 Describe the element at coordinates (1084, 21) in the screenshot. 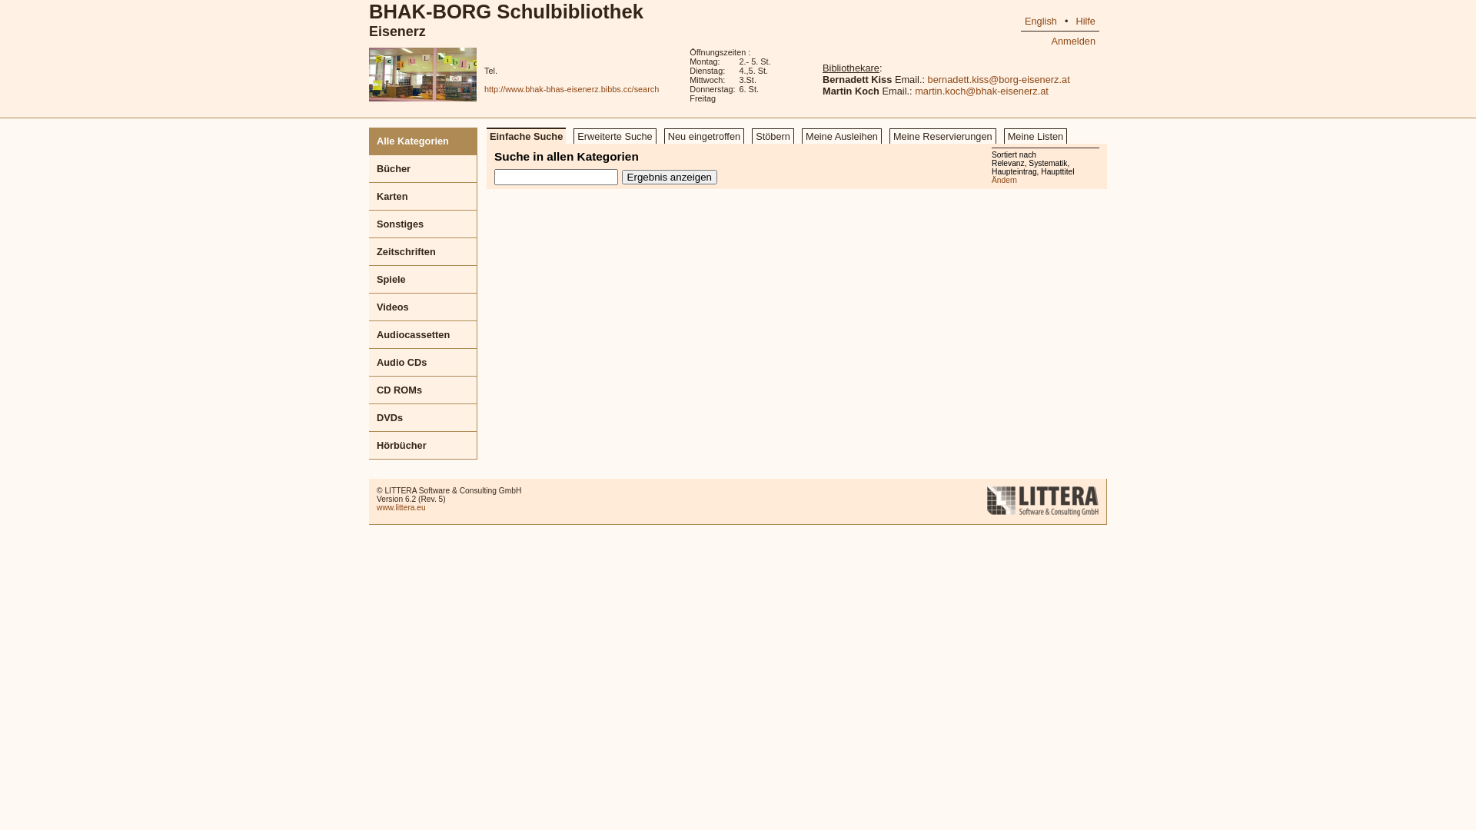

I see `'Hilfe'` at that location.